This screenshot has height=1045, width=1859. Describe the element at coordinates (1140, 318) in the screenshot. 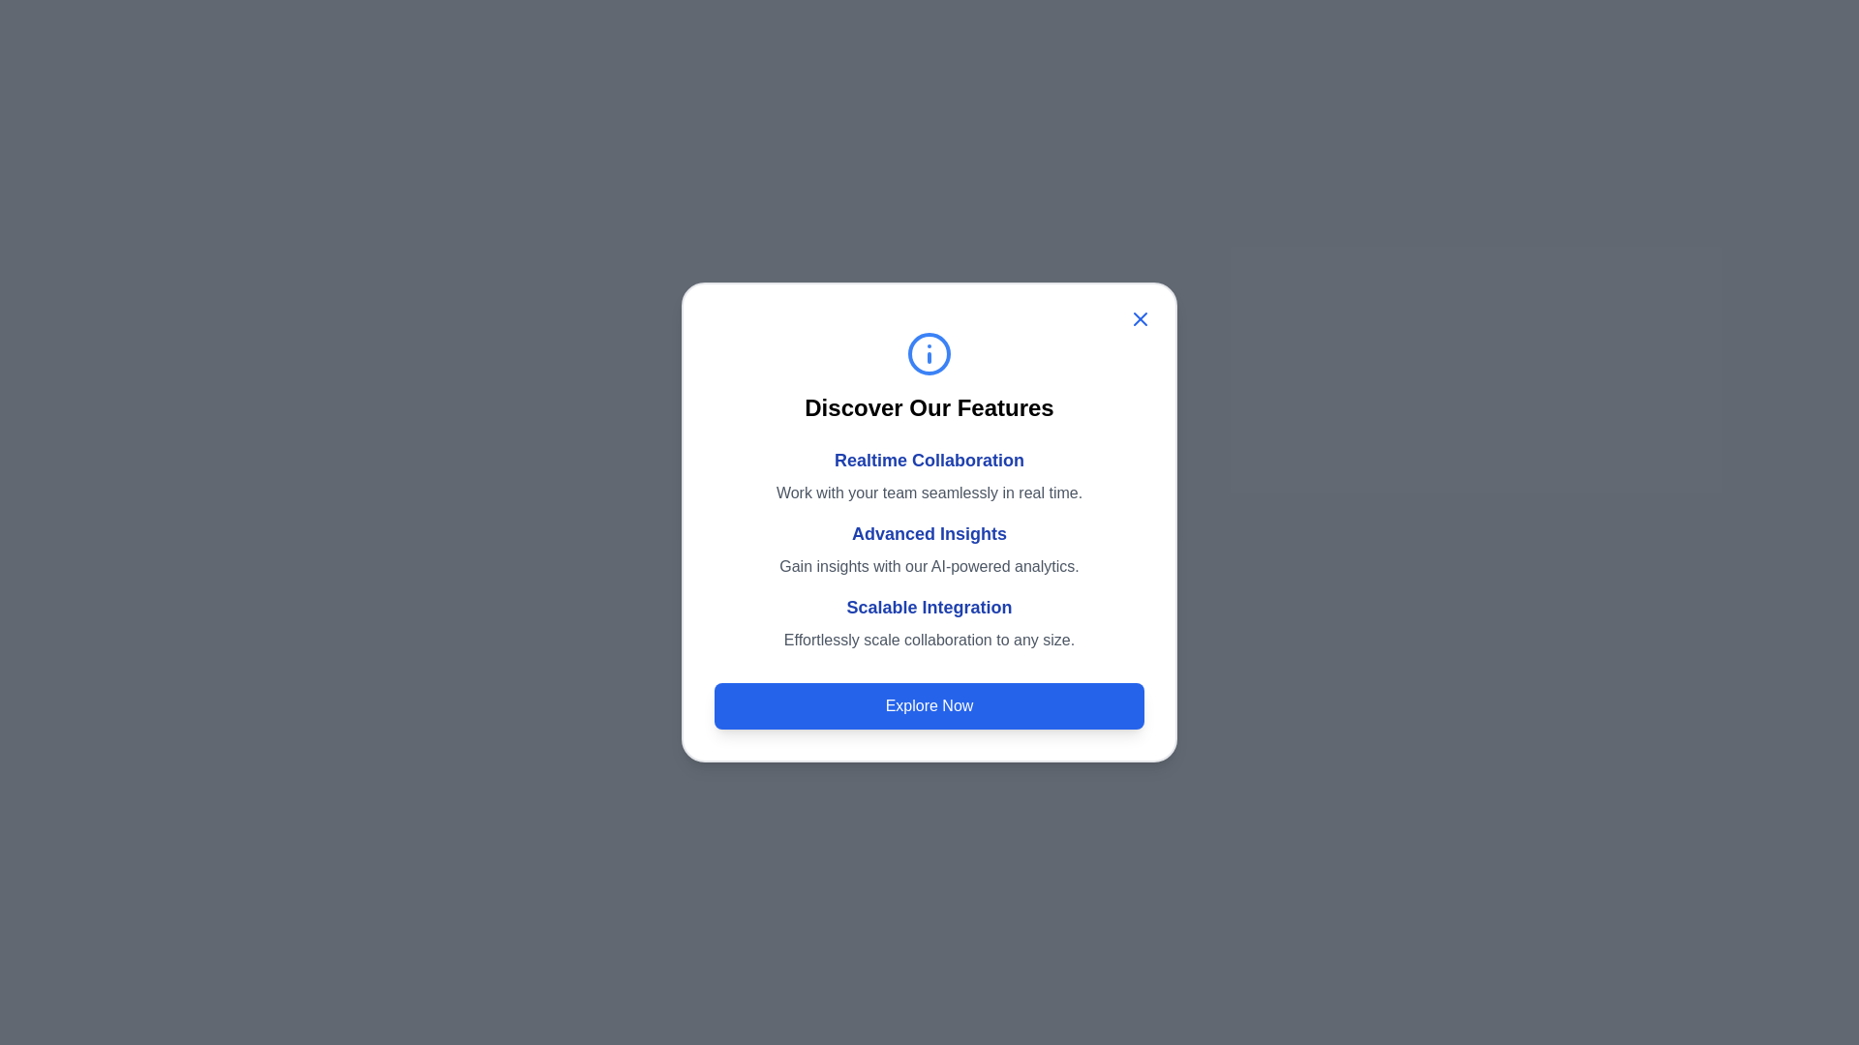

I see `the circular button with a blue cross icon at the center, located in the top-right corner of the white panel` at that location.